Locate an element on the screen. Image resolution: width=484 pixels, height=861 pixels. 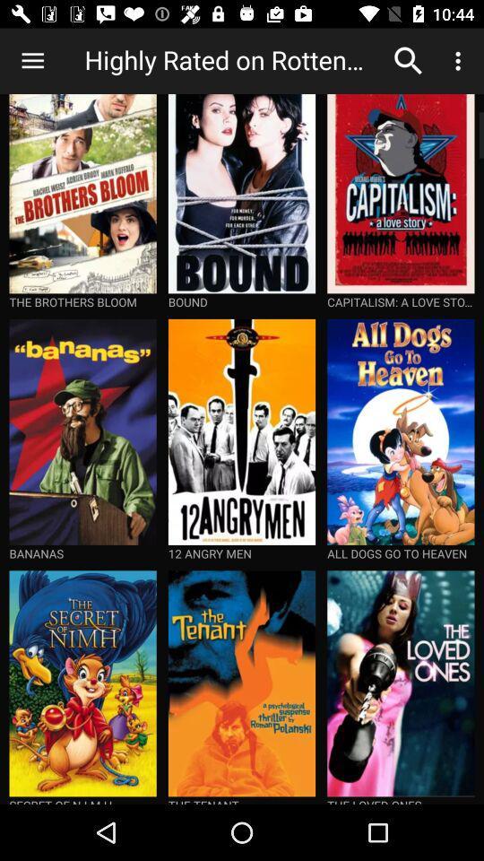
the icon next to highly rated on item is located at coordinates (408, 61).